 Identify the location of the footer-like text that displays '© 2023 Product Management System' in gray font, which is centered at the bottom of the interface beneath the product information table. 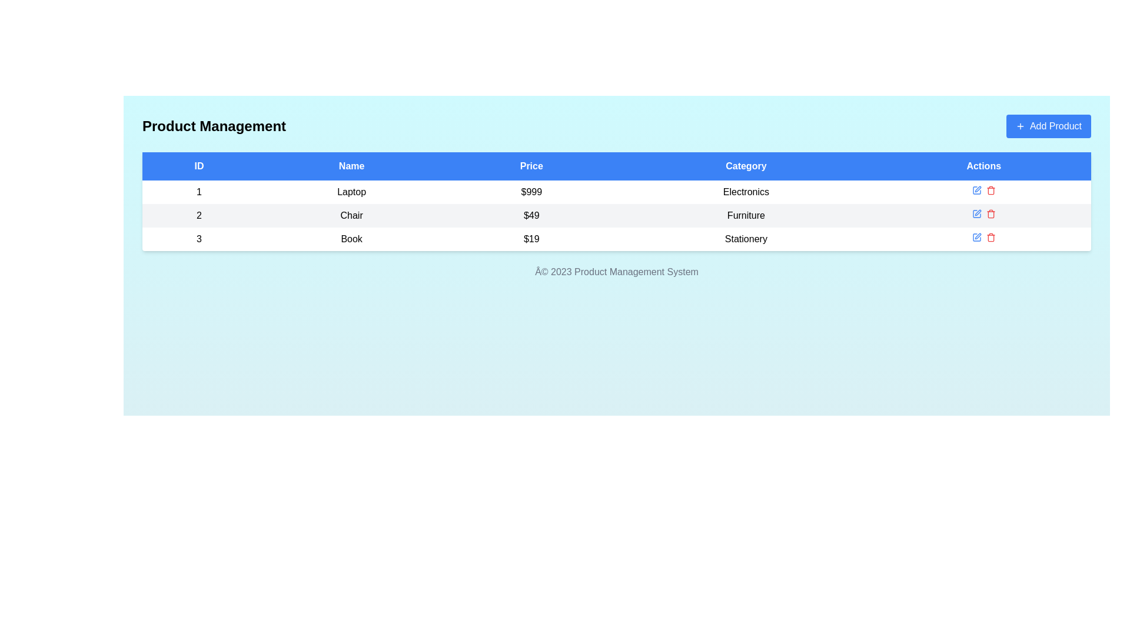
(616, 272).